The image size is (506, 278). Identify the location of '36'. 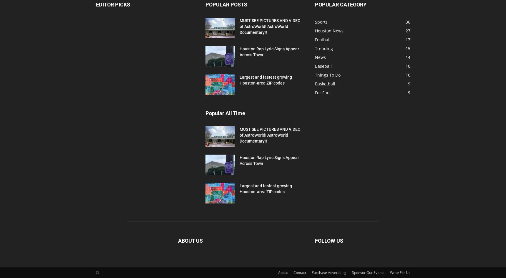
(407, 21).